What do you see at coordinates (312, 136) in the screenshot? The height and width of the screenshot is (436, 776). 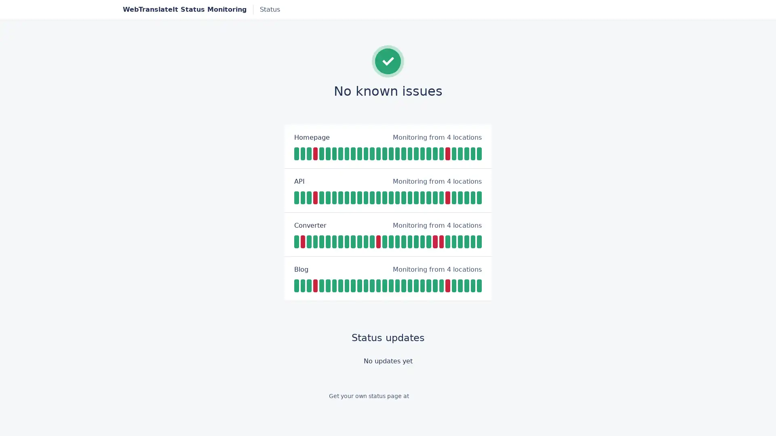 I see `Homepage` at bounding box center [312, 136].